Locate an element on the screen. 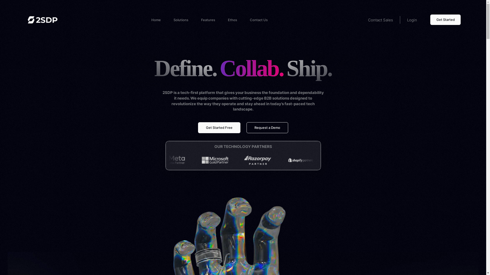 This screenshot has height=275, width=490. 'Home' is located at coordinates (156, 19).